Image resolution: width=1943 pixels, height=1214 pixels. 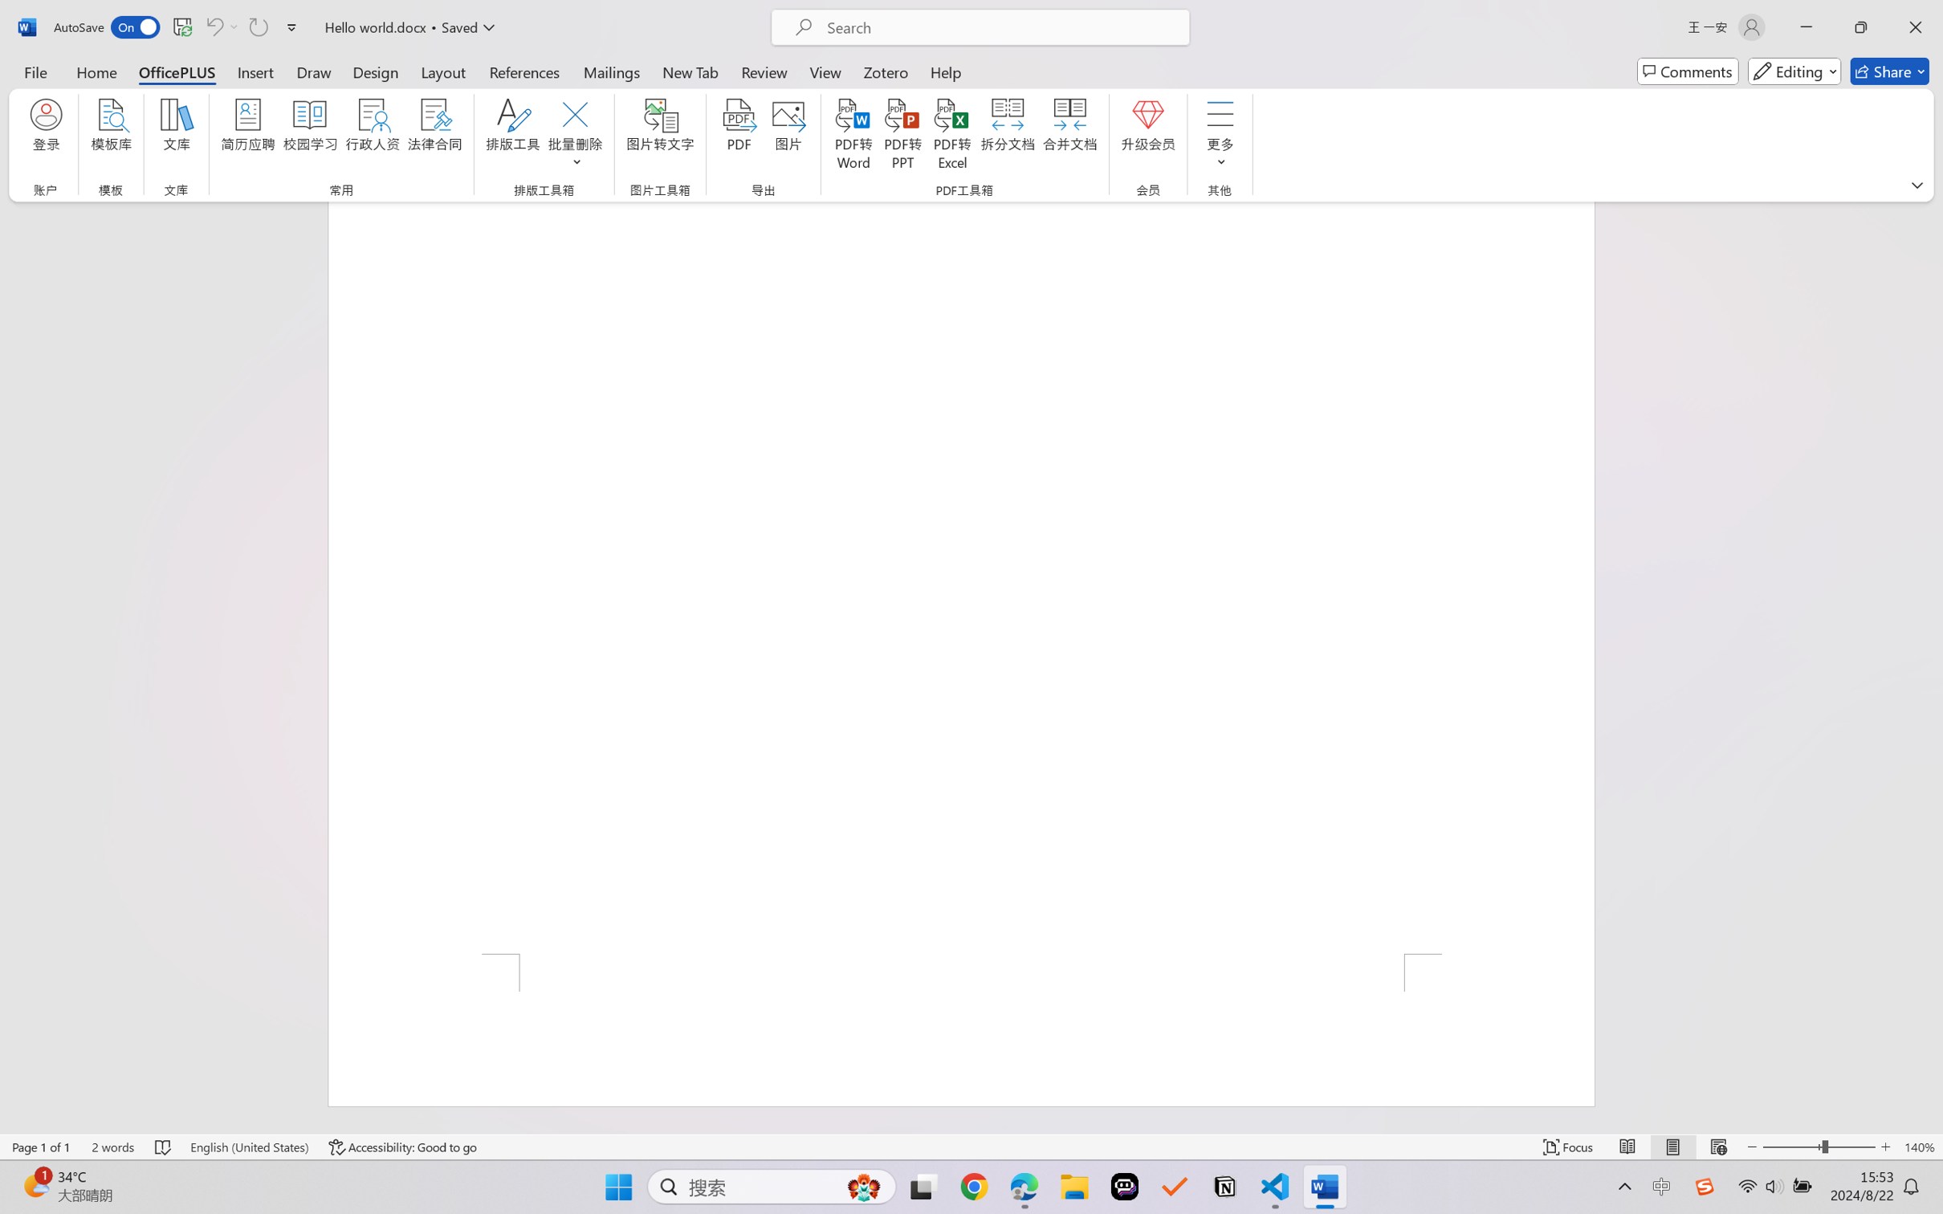 What do you see at coordinates (945, 71) in the screenshot?
I see `'Help'` at bounding box center [945, 71].